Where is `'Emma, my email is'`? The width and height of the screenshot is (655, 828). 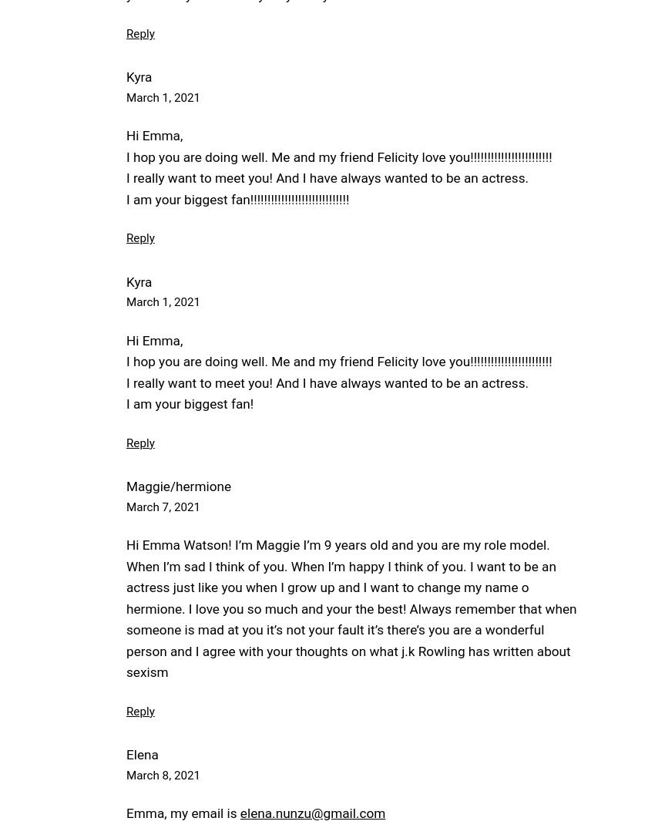 'Emma, my email is' is located at coordinates (126, 813).